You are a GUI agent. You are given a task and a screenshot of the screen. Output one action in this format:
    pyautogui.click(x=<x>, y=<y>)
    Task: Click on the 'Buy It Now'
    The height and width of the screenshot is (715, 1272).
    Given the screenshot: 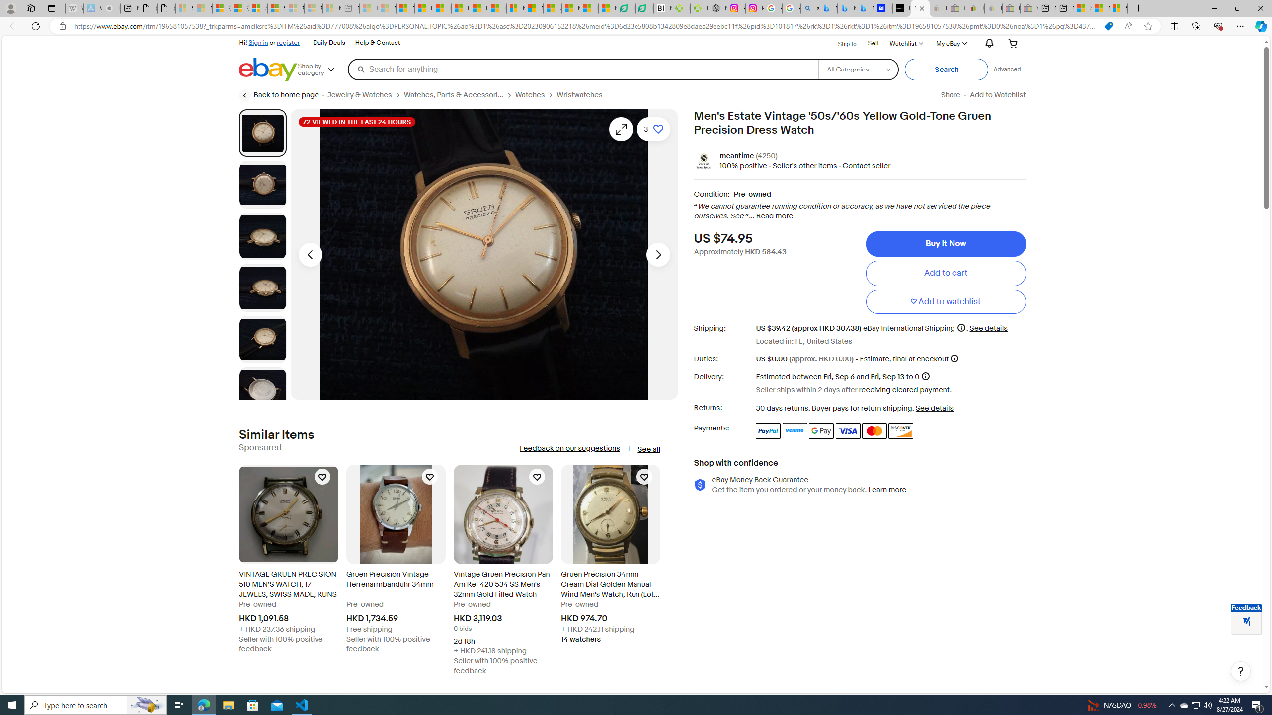 What is the action you would take?
    pyautogui.click(x=946, y=243)
    